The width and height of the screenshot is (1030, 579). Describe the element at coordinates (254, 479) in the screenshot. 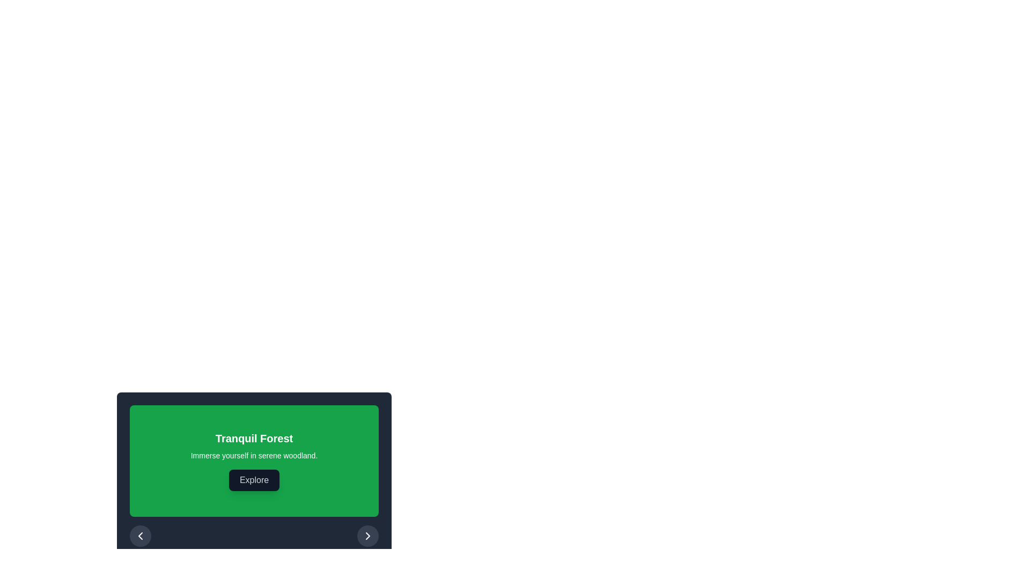

I see `the 'Explore' button` at that location.